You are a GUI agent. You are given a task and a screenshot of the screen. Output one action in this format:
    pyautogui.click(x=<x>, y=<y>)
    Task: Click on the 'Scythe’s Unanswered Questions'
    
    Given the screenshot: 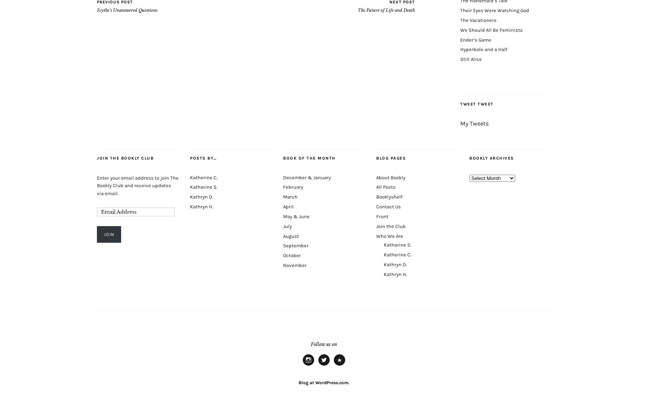 What is the action you would take?
    pyautogui.click(x=127, y=10)
    